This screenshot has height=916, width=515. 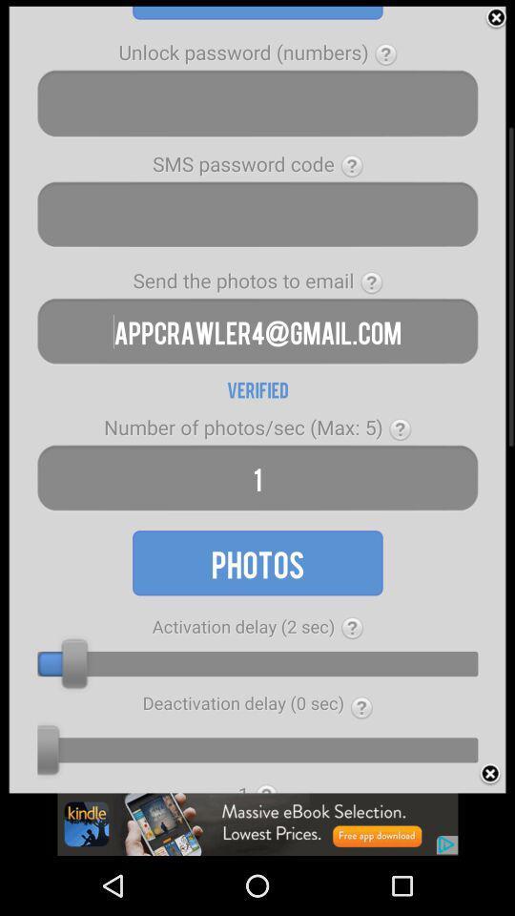 What do you see at coordinates (361, 707) in the screenshot?
I see `the first question mark from the bottom of the page` at bounding box center [361, 707].